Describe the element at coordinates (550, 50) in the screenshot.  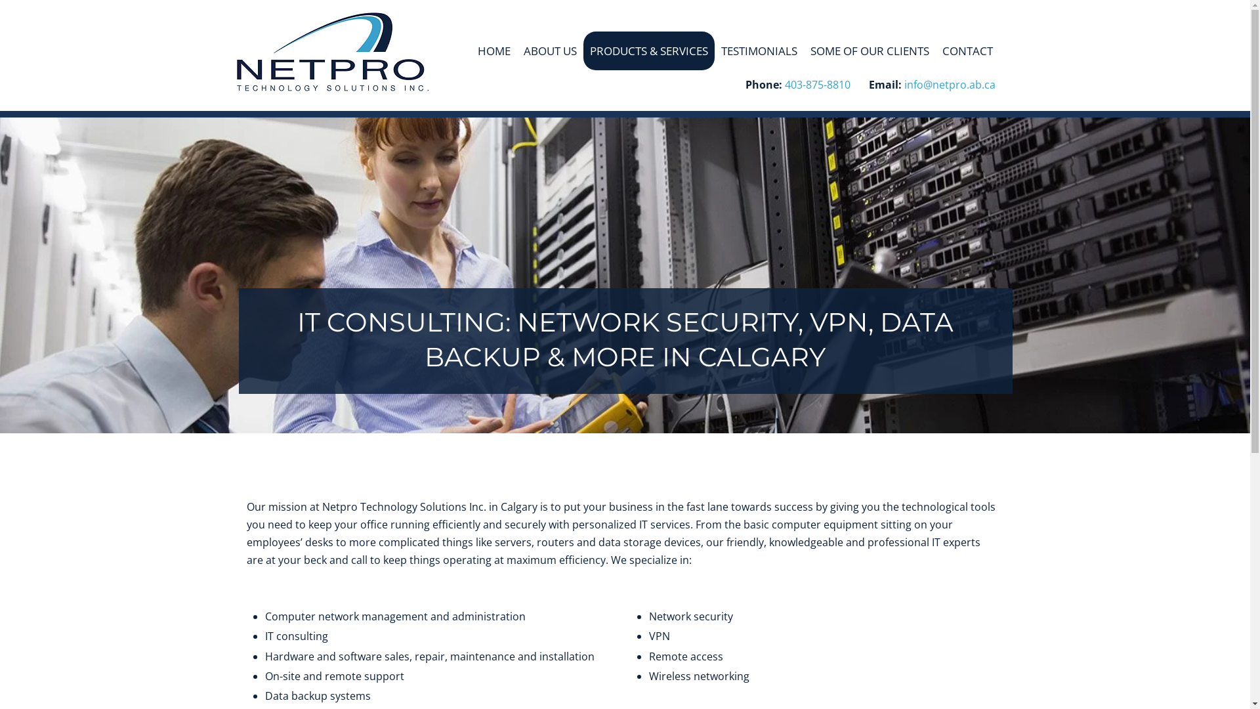
I see `'ABOUT US'` at that location.